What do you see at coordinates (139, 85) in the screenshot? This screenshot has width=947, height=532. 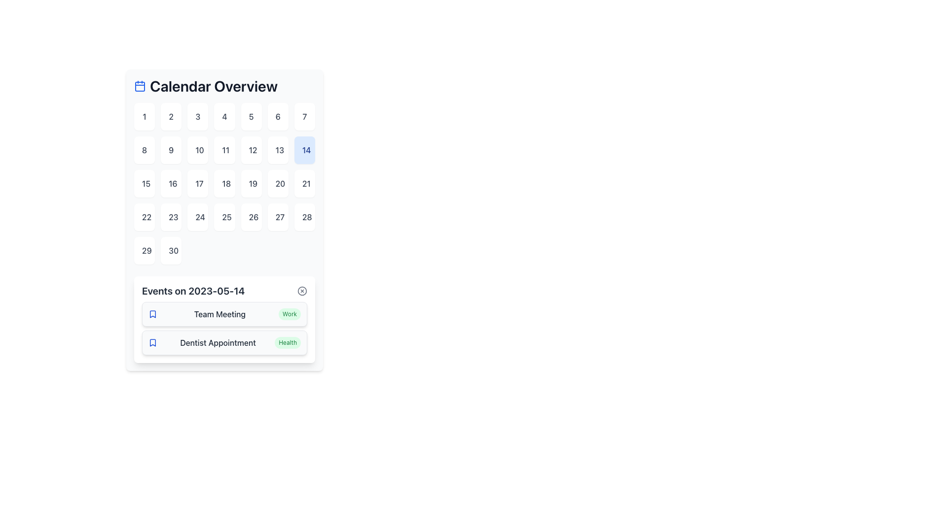 I see `the calendar icon with a blue outline, which is located at the top-left corner of the 'Calendar Overview' section, preceding the 'Calendar Overview' text` at bounding box center [139, 85].